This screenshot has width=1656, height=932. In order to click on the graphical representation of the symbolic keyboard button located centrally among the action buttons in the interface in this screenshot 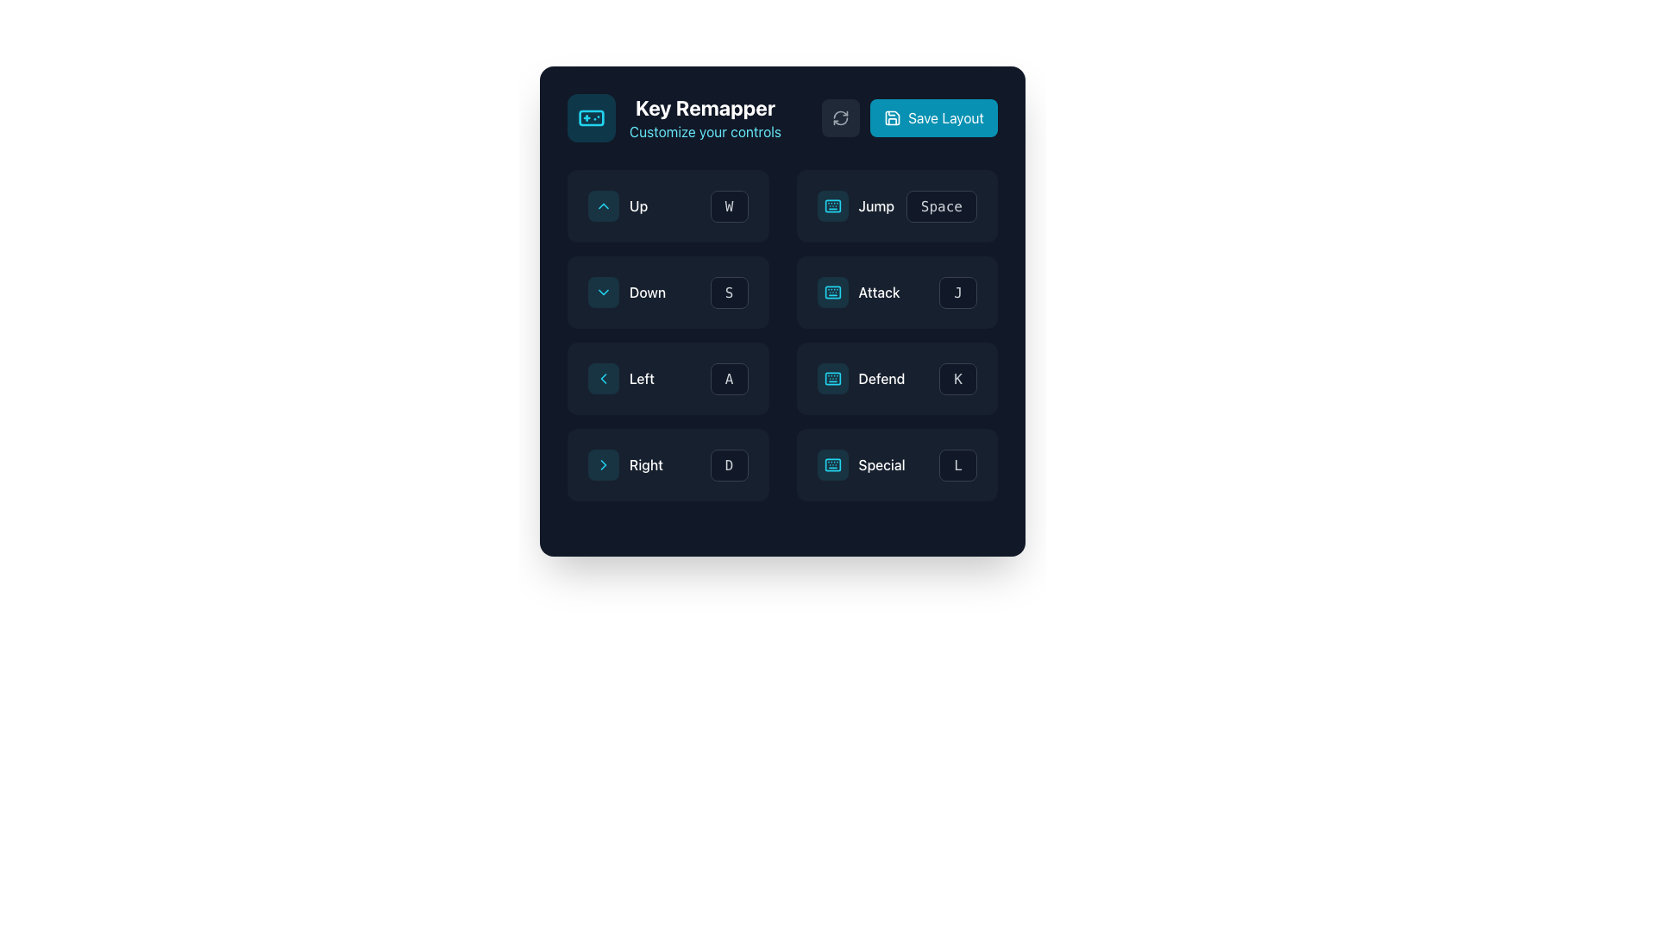, I will do `click(832, 464)`.